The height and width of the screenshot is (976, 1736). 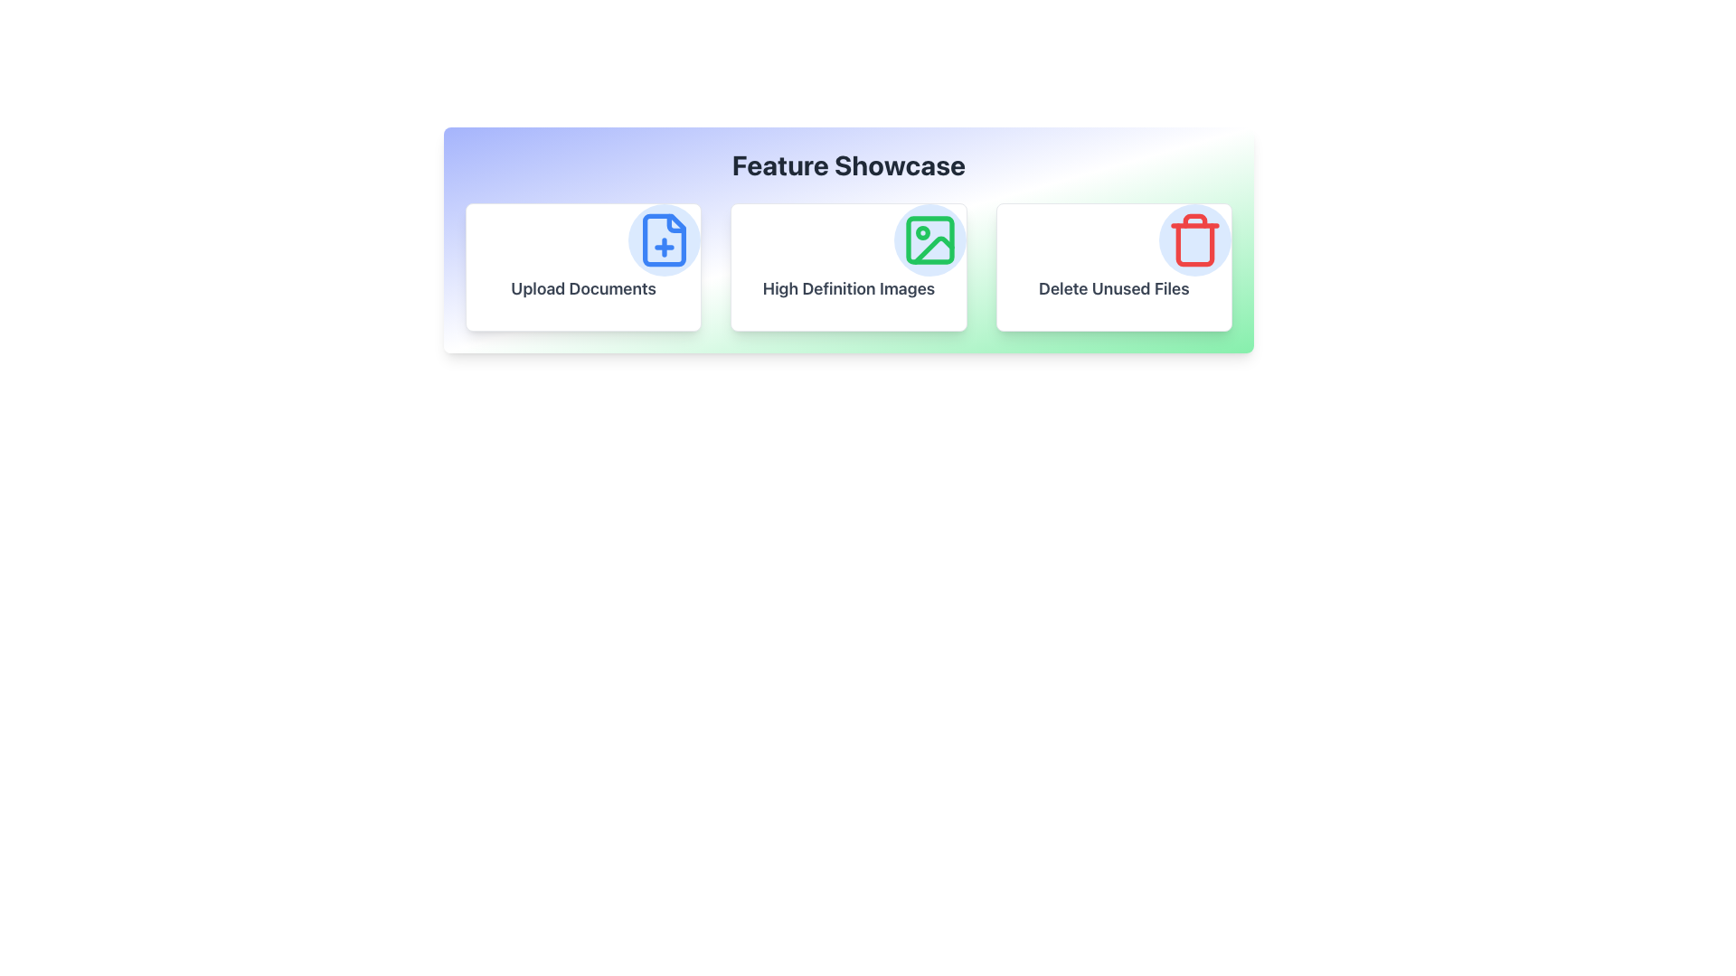 I want to click on the small circular icon located in the 'High Definition Images' feature card, which is part of an SVG element with a green and white theme, so click(x=922, y=232).